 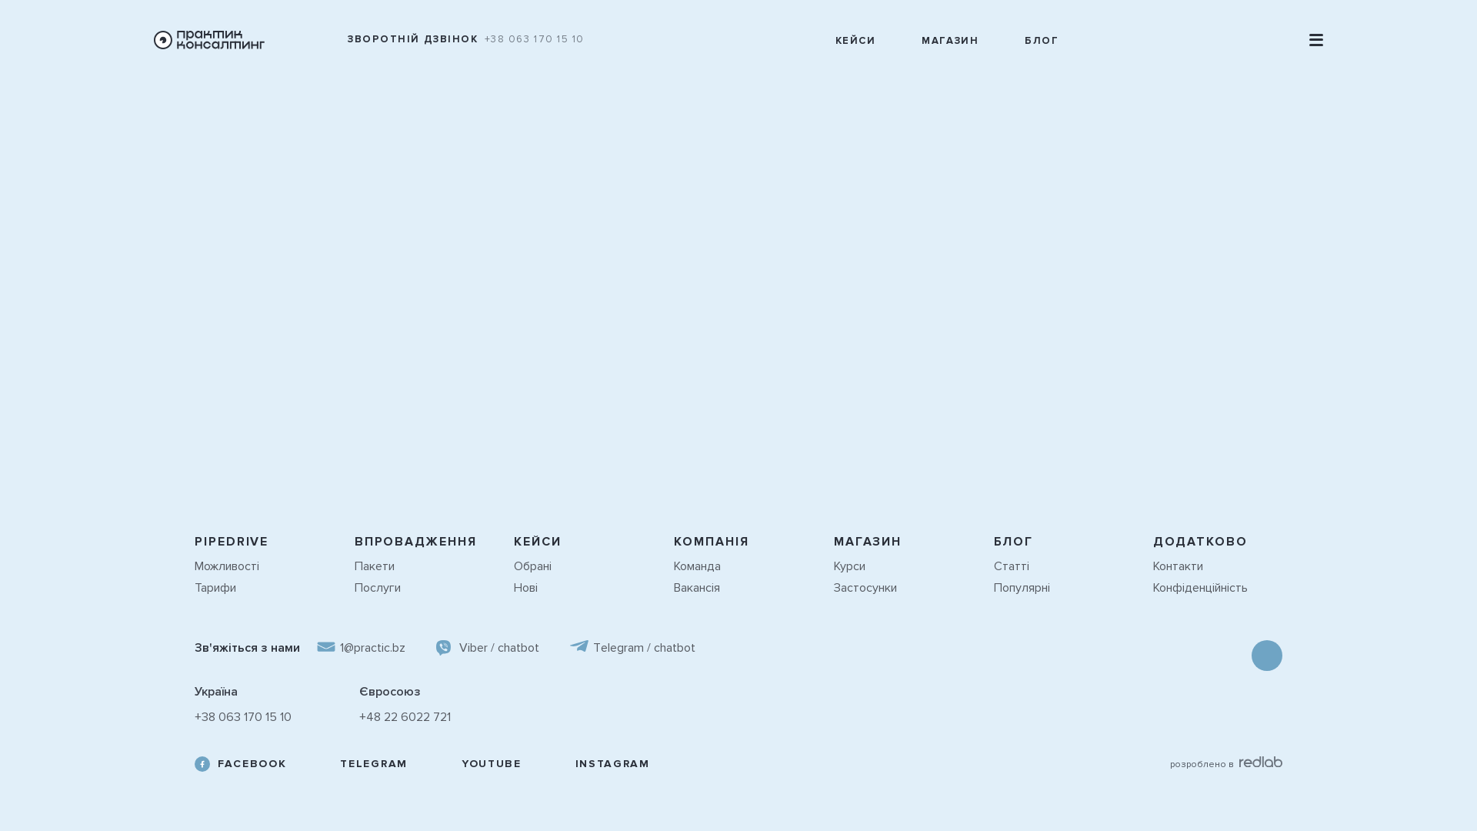 I want to click on 'TELEGRAM', so click(x=361, y=763).